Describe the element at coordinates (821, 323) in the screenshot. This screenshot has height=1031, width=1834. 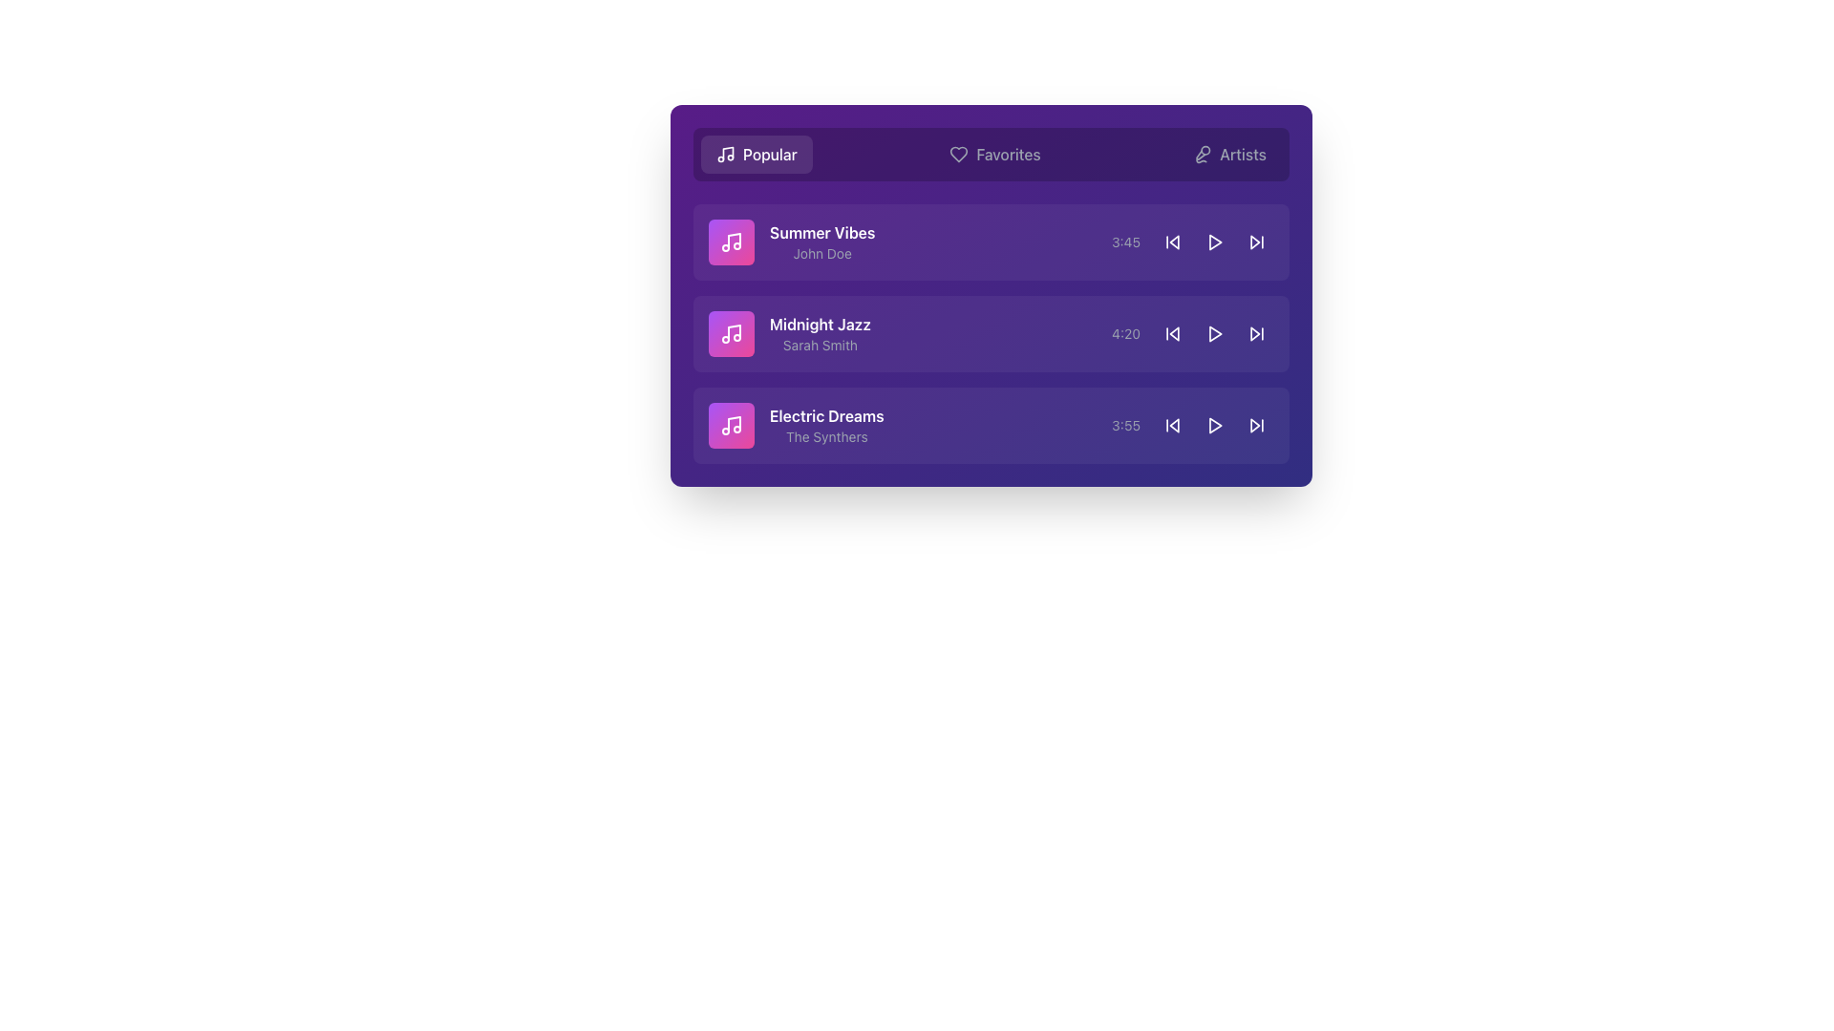
I see `the title text label of the music track` at that location.